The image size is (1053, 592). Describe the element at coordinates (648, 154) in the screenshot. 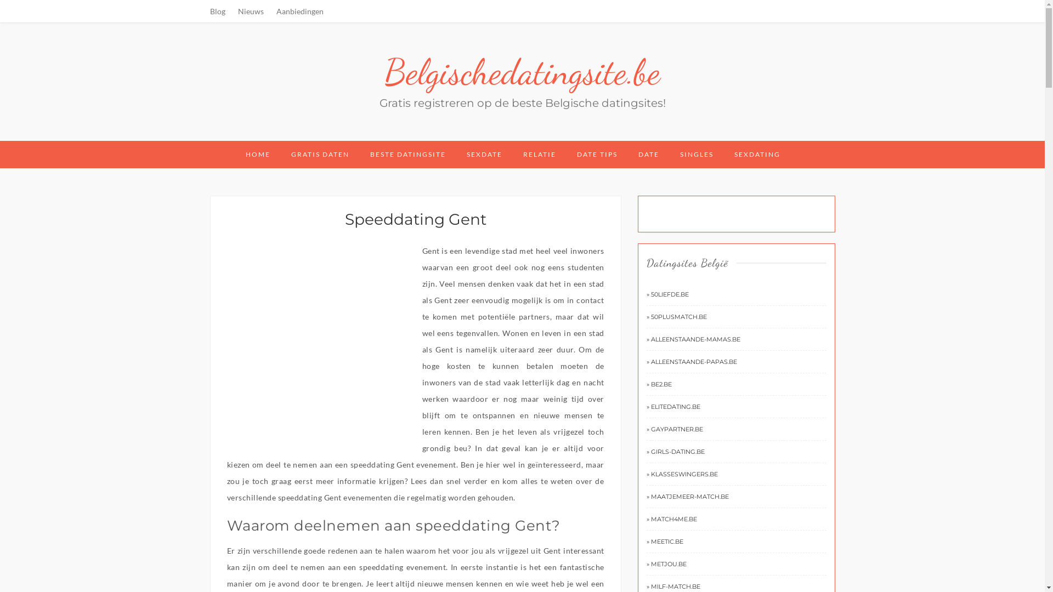

I see `'DATE'` at that location.